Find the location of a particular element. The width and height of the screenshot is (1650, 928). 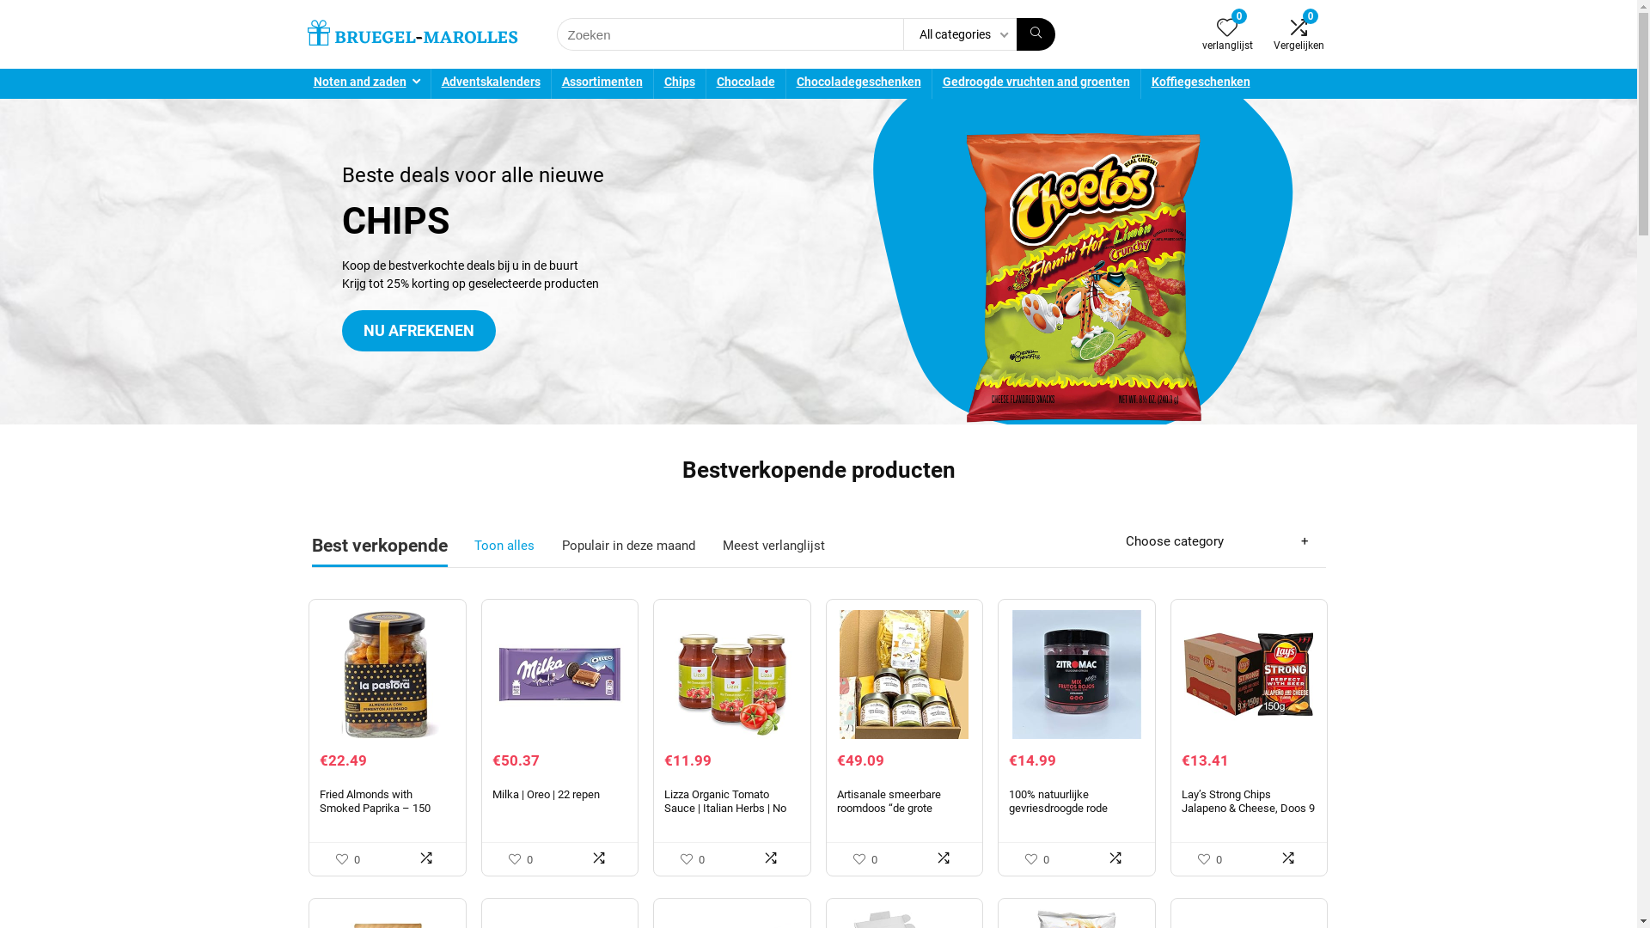

'0' is located at coordinates (1226, 29).